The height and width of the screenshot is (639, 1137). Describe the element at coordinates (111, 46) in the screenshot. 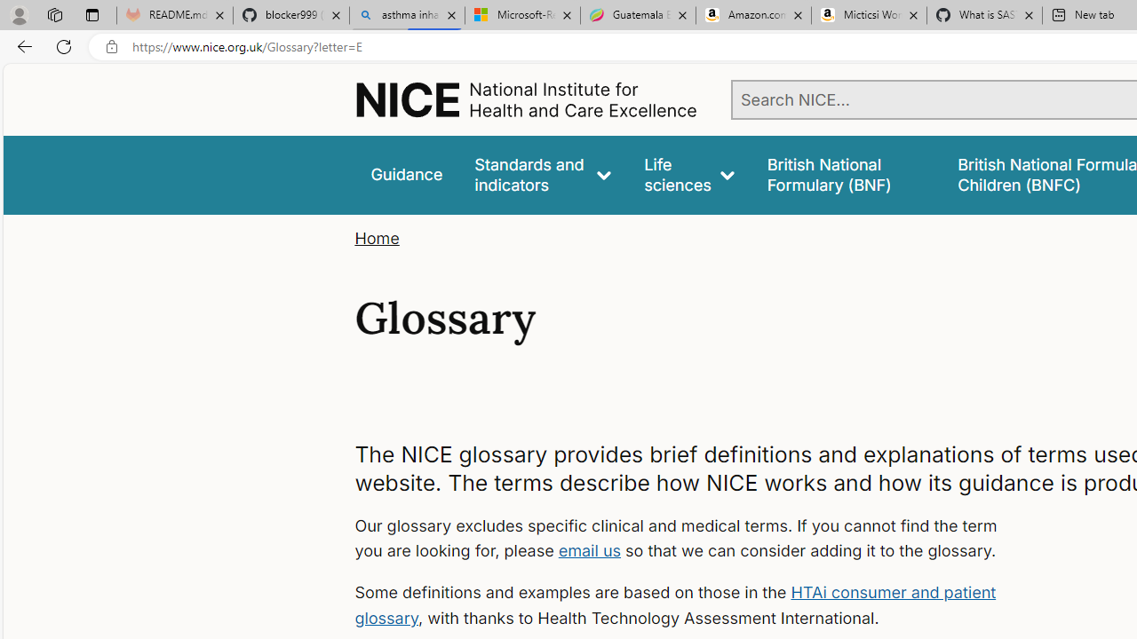

I see `'View site information'` at that location.